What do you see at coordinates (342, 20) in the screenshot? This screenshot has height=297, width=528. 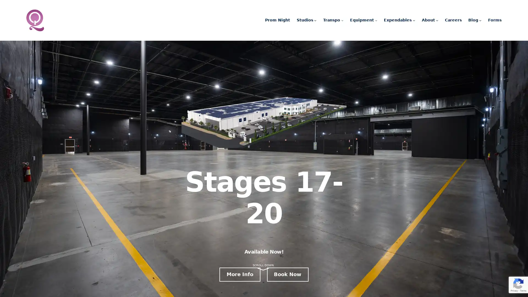 I see `Transpo submenu` at bounding box center [342, 20].